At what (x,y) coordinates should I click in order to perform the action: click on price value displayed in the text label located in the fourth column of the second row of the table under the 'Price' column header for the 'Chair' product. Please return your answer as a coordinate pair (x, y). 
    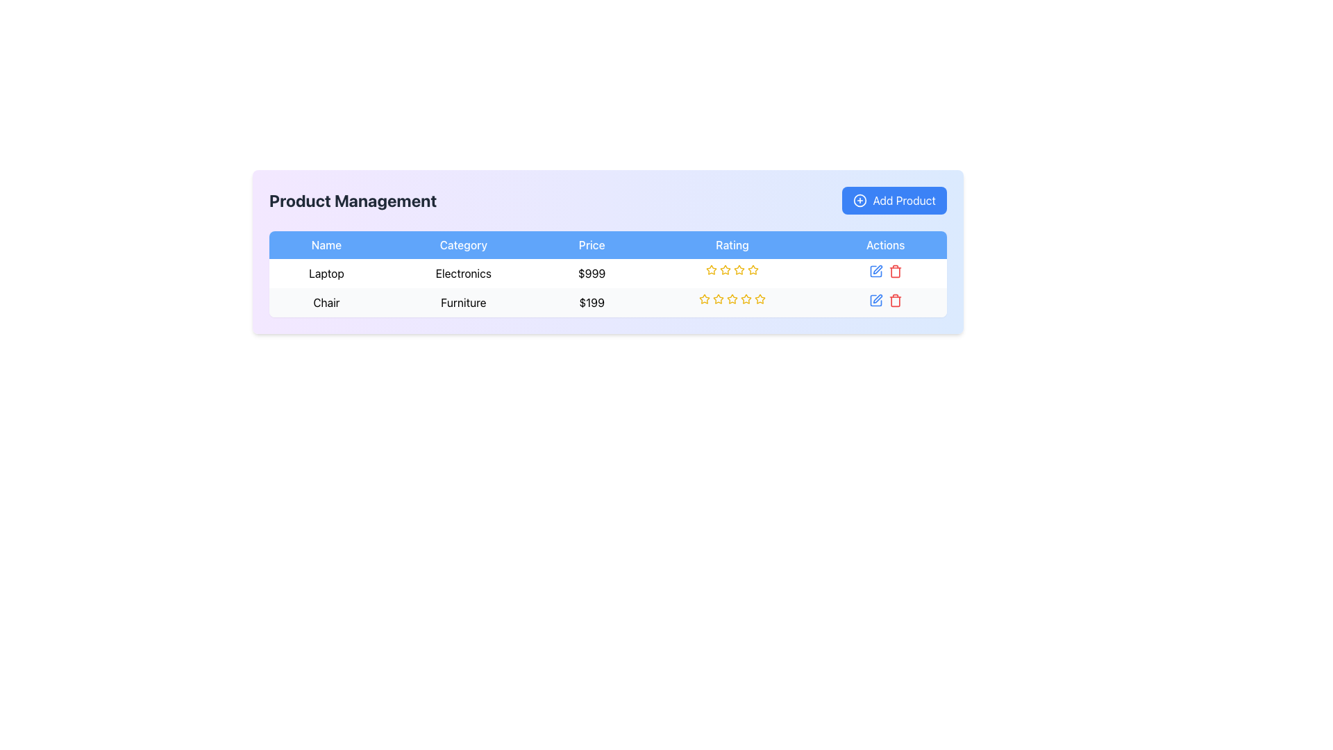
    Looking at the image, I should click on (592, 301).